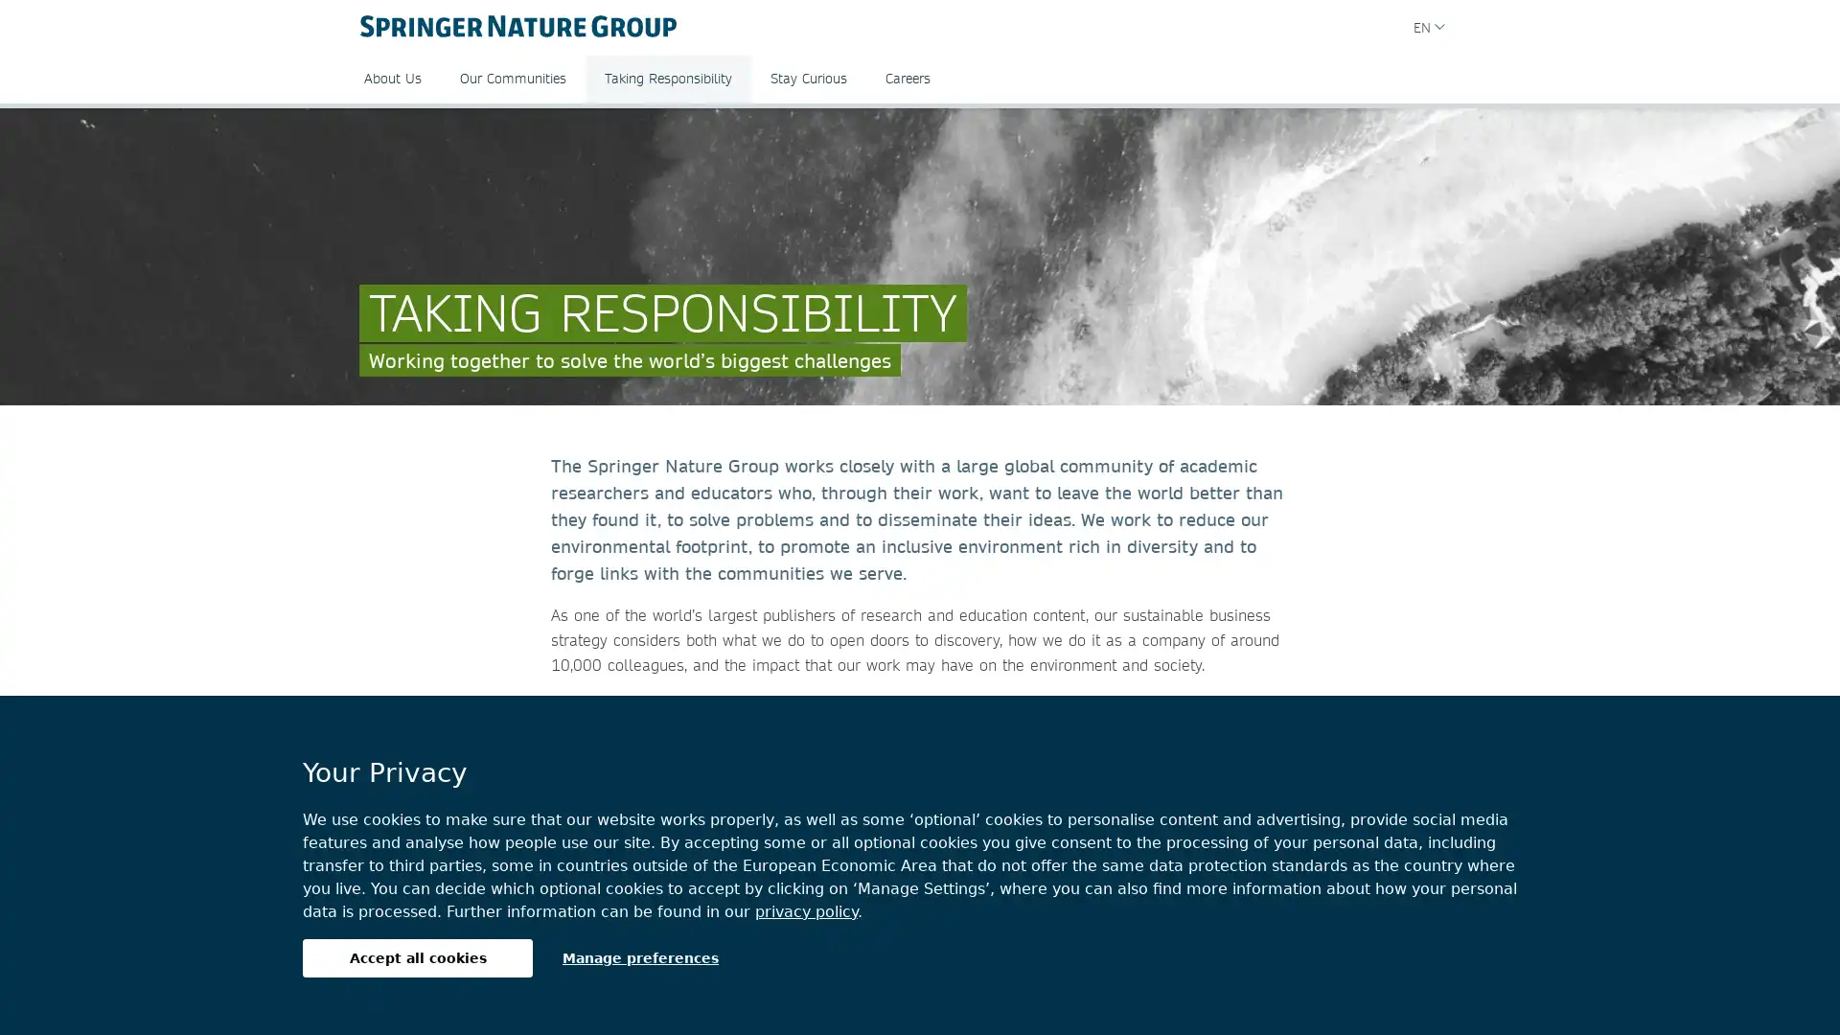 This screenshot has width=1840, height=1035. I want to click on Accept all cookies, so click(417, 957).